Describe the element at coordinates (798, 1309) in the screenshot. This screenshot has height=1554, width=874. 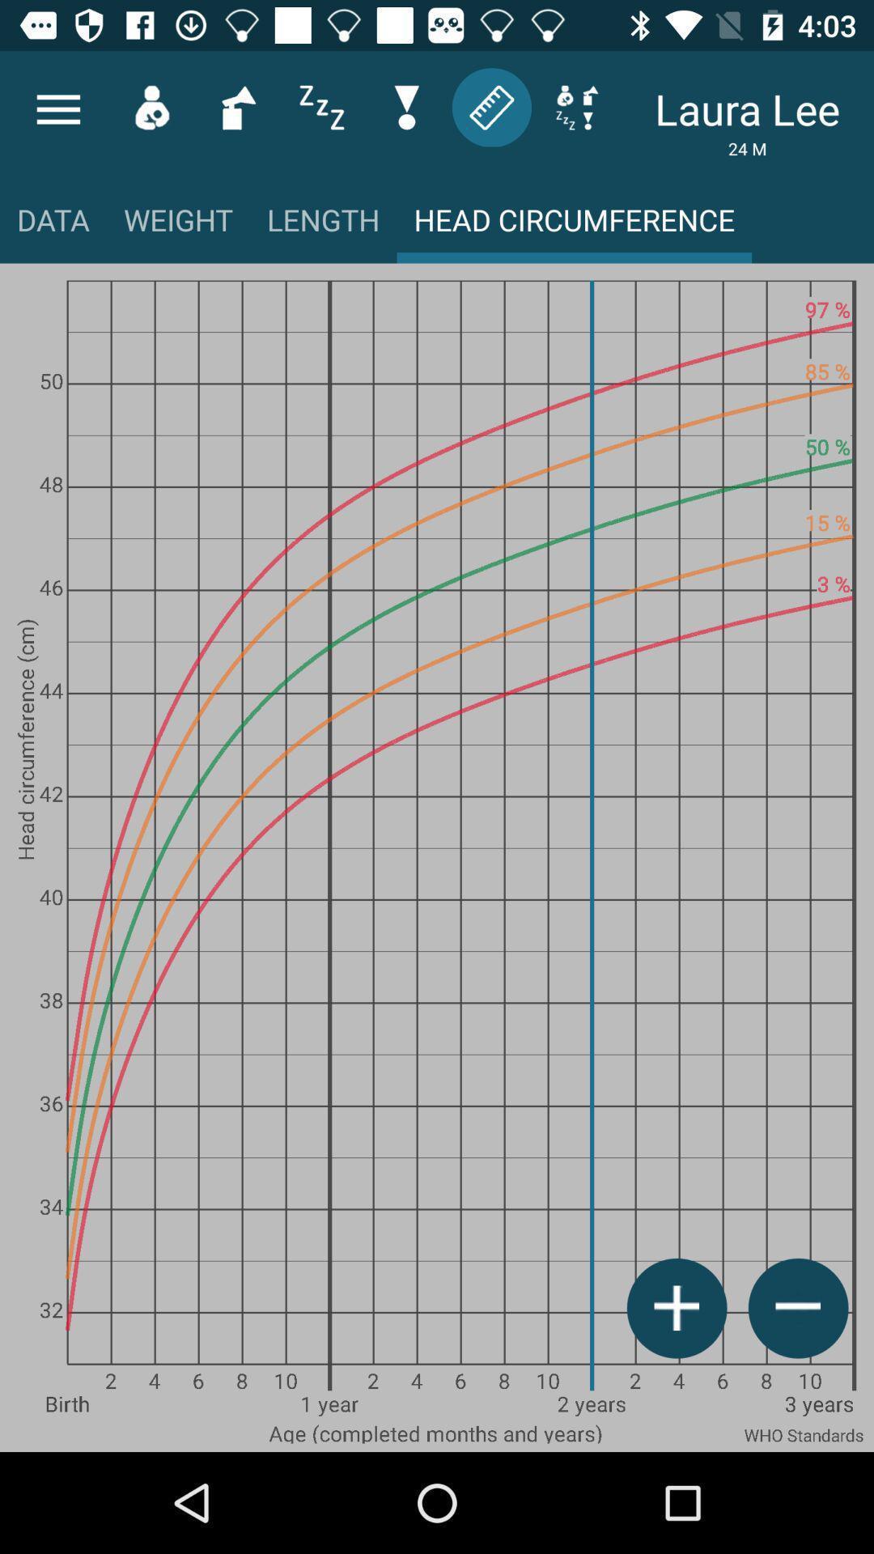
I see `the minus icon right to plus icon` at that location.